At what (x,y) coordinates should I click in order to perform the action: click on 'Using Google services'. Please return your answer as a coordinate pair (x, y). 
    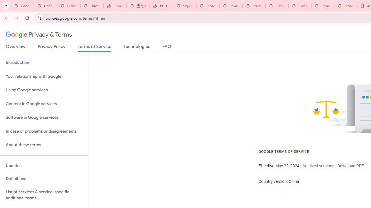
    Looking at the image, I should click on (44, 90).